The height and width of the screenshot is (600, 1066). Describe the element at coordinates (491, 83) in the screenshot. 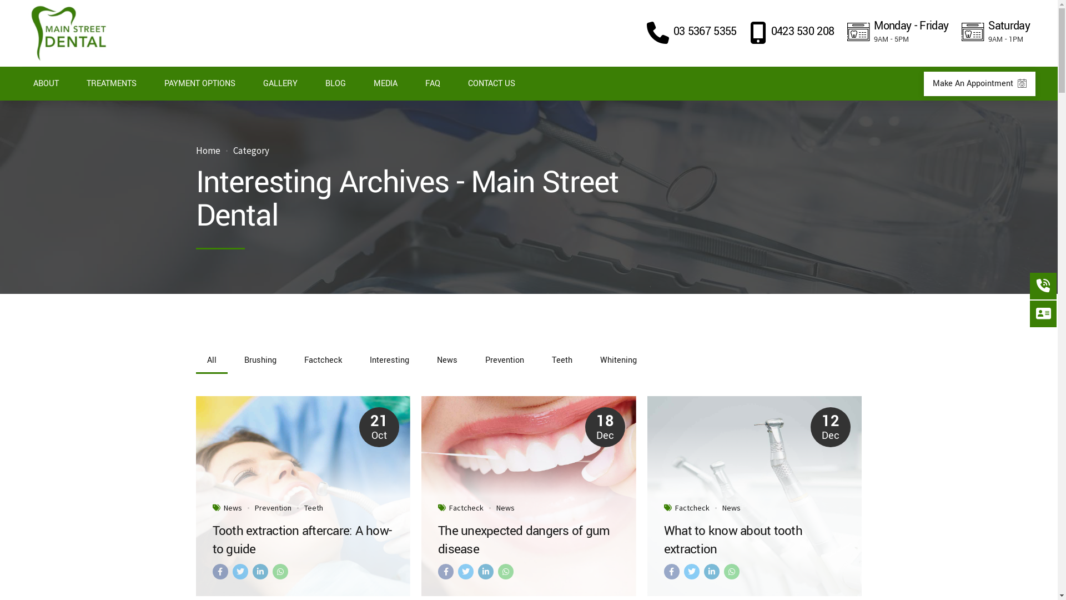

I see `'CONTACT US'` at that location.